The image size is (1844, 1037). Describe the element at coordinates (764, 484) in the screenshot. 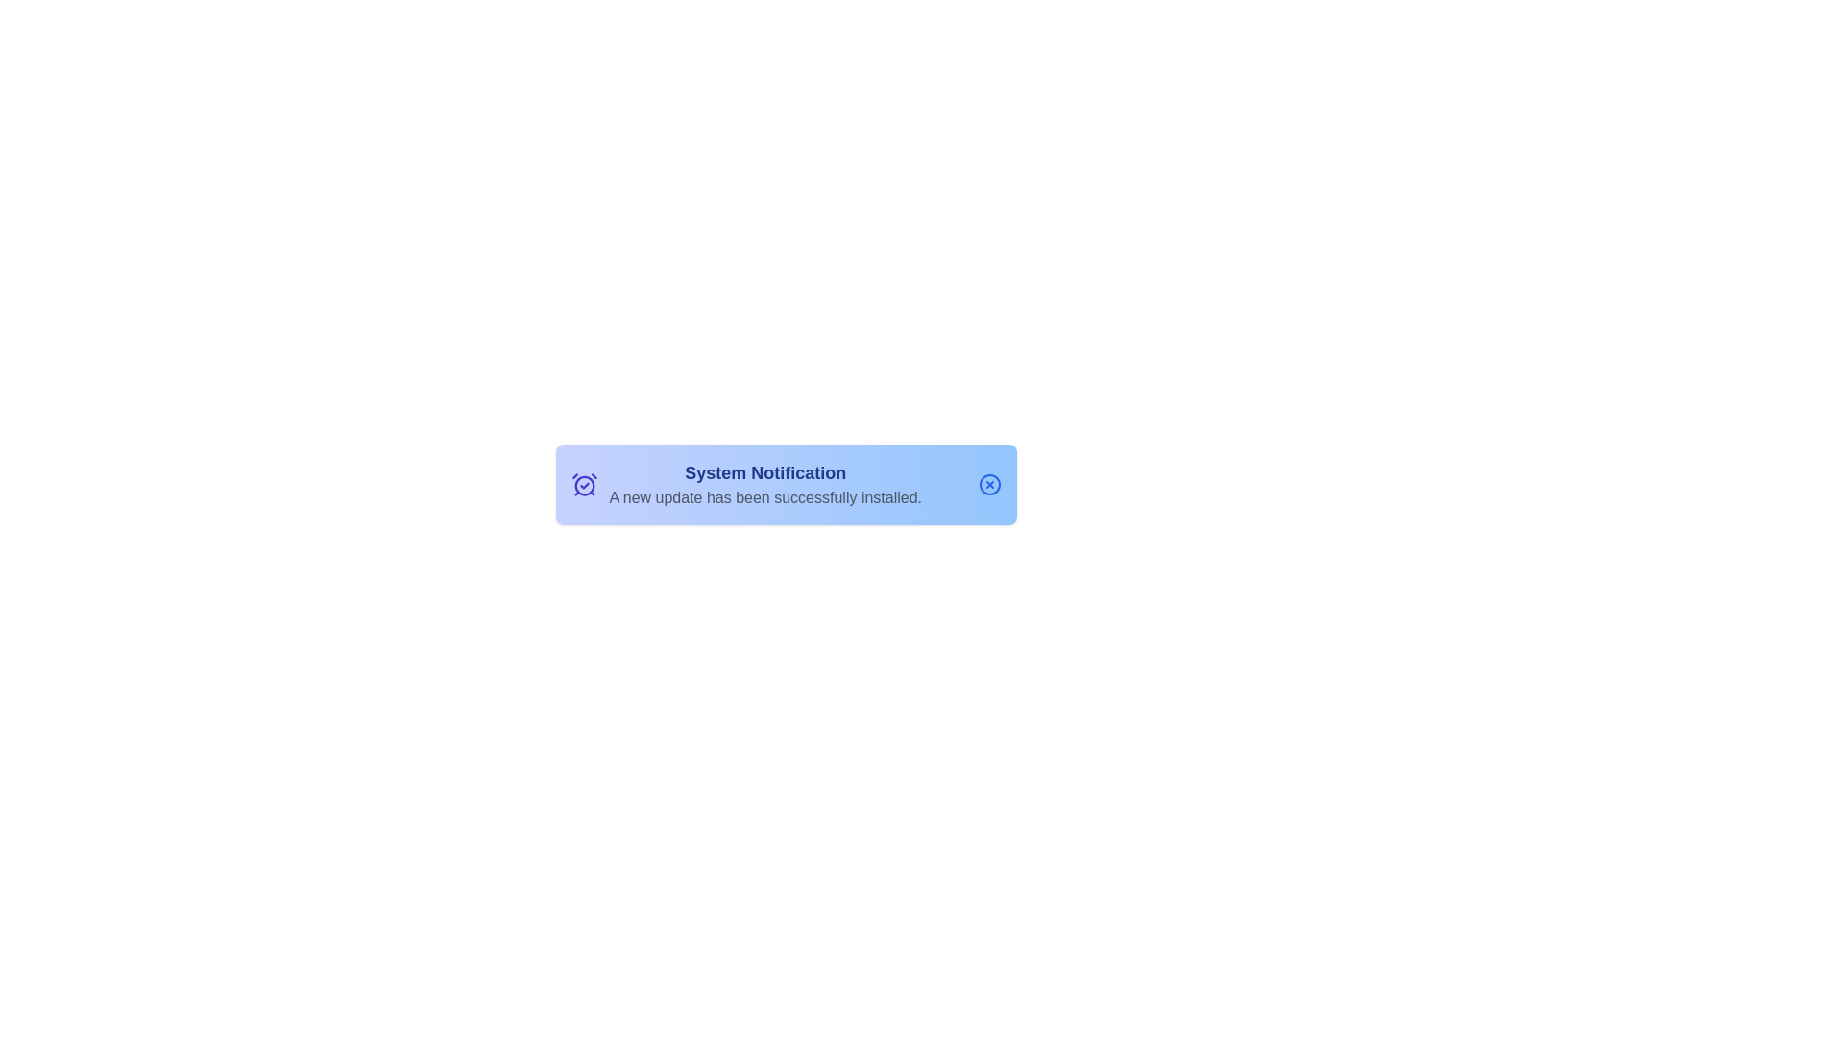

I see `message in the System Notification text block, which displays information about a new update being successfully installed` at that location.